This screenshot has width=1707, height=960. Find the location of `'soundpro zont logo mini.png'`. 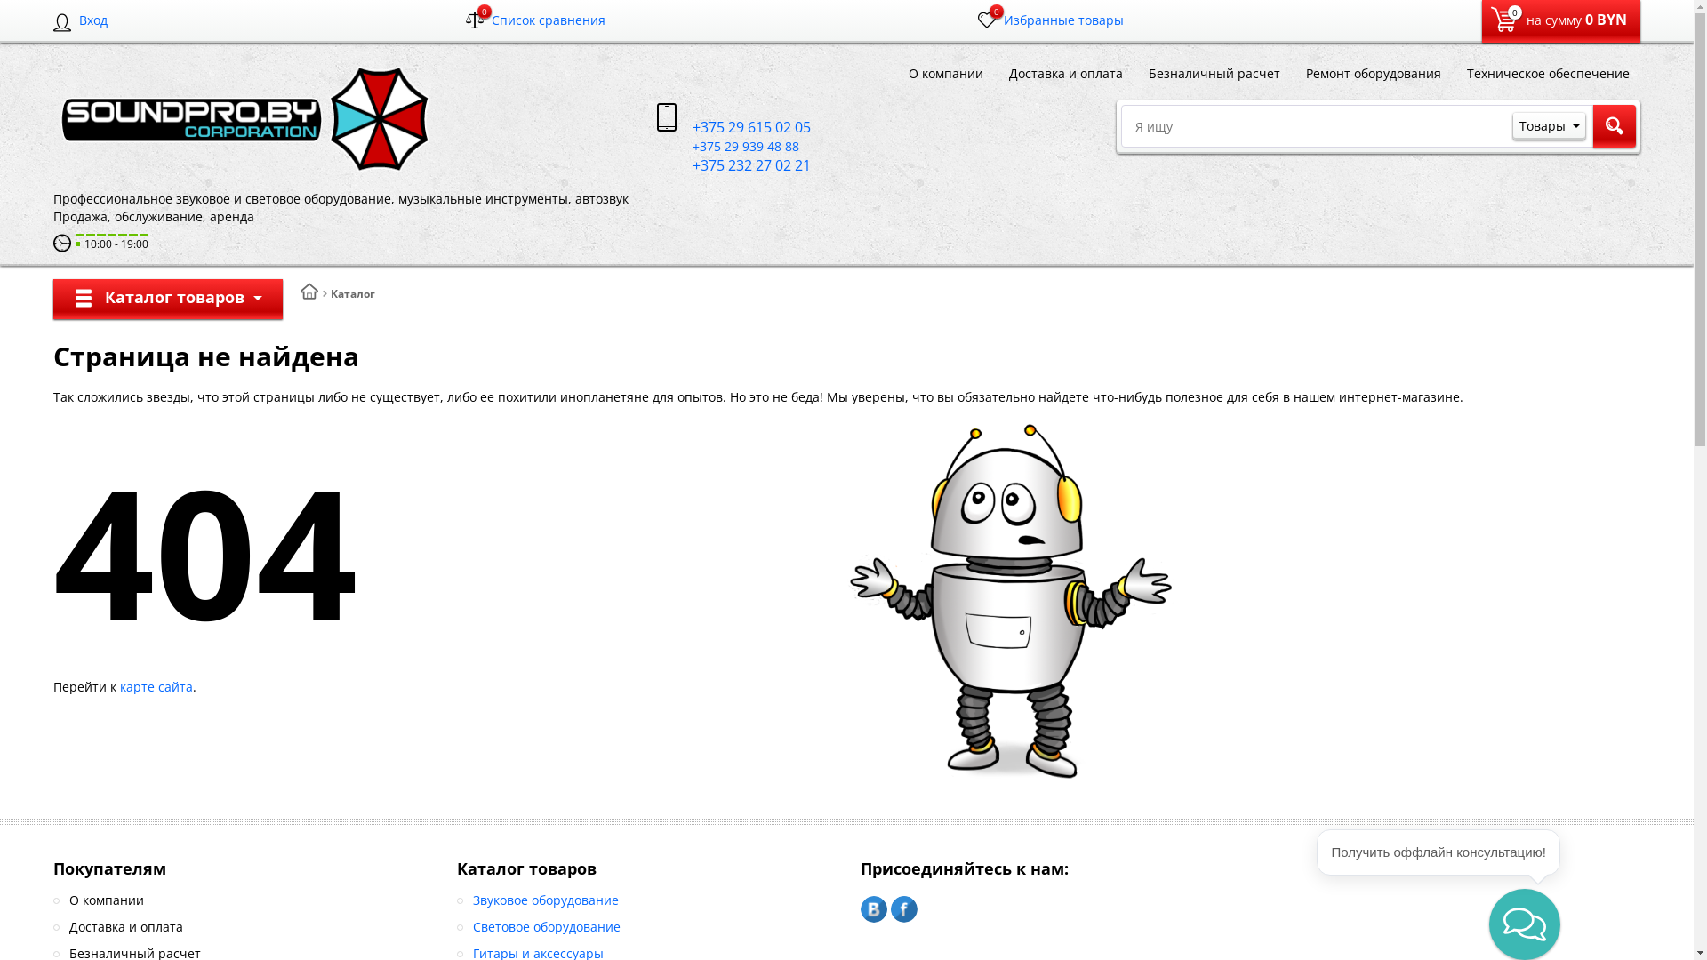

'soundpro zont logo mini.png' is located at coordinates (243, 119).